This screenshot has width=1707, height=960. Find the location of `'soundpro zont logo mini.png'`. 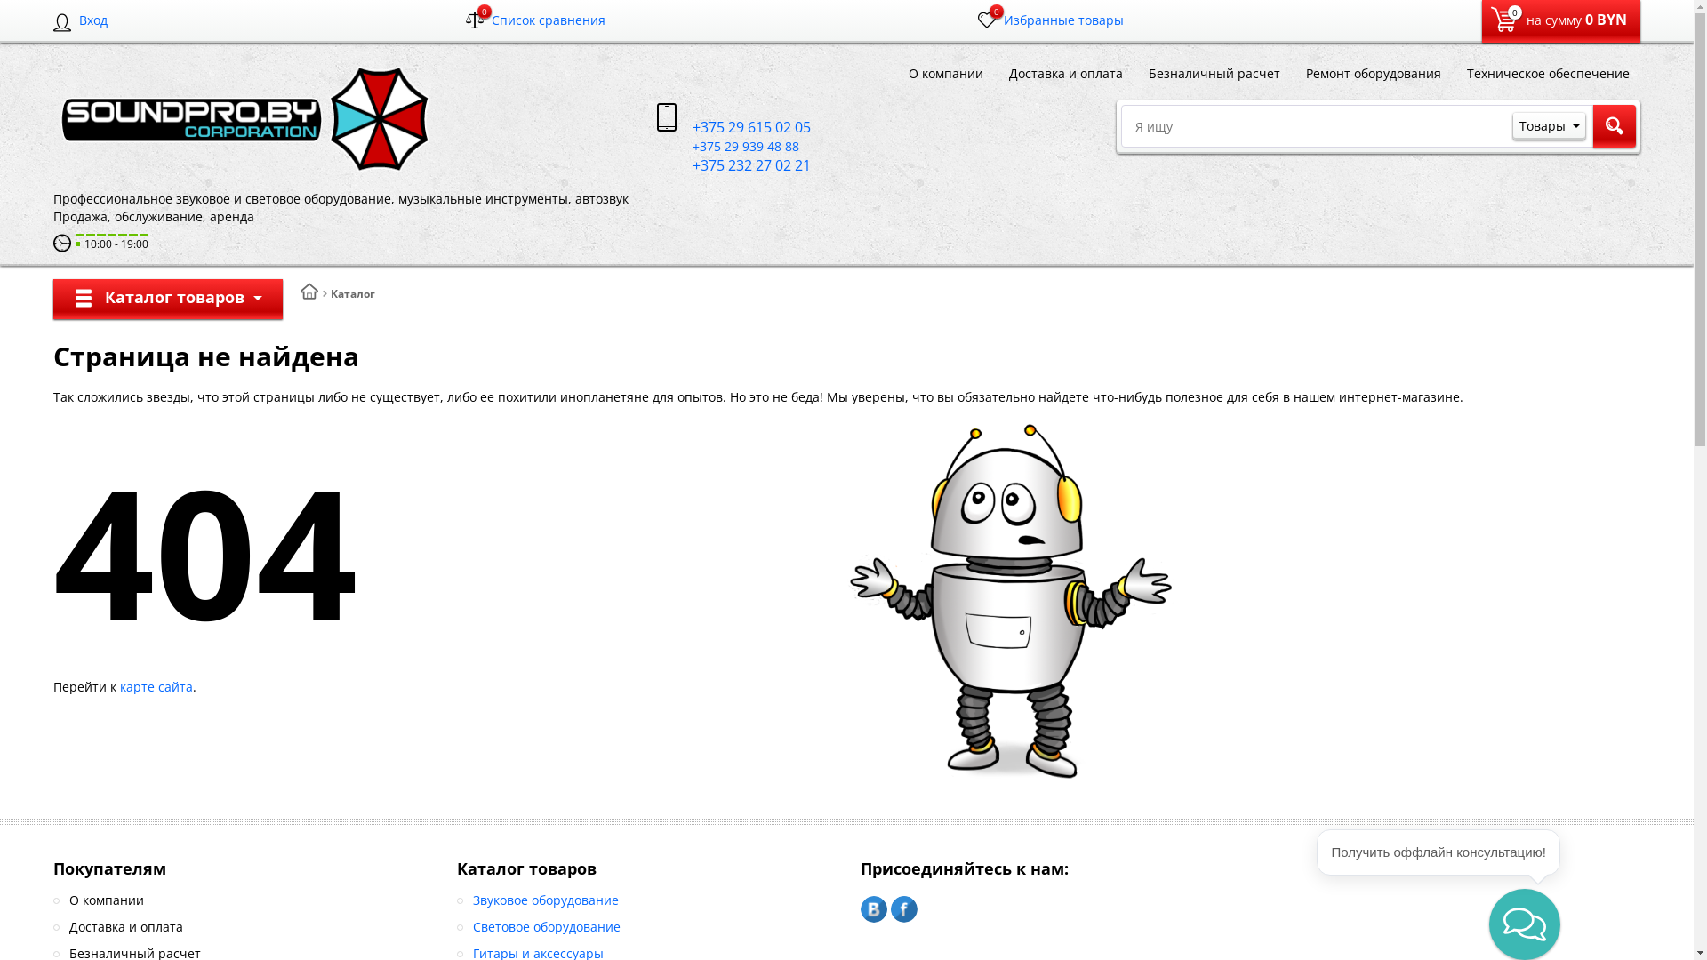

'soundpro zont logo mini.png' is located at coordinates (243, 119).